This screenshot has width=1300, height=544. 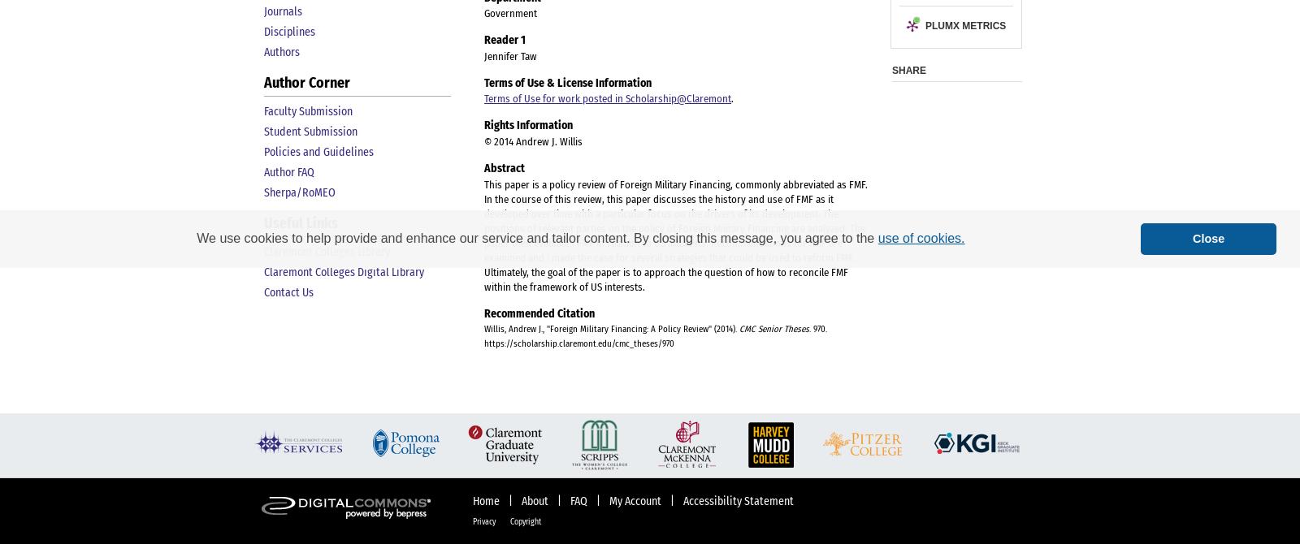 What do you see at coordinates (487, 500) in the screenshot?
I see `'Home'` at bounding box center [487, 500].